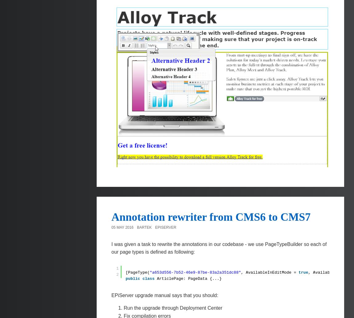 The width and height of the screenshot is (354, 318). I want to click on 'ArticlePage: PageData {...}', so click(189, 278).